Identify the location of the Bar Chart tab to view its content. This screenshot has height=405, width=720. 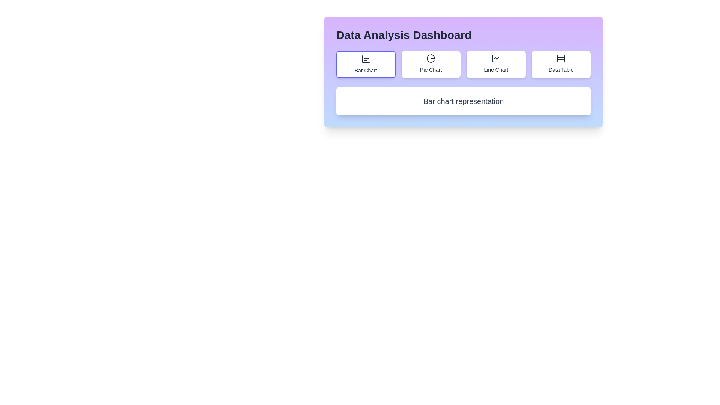
(366, 64).